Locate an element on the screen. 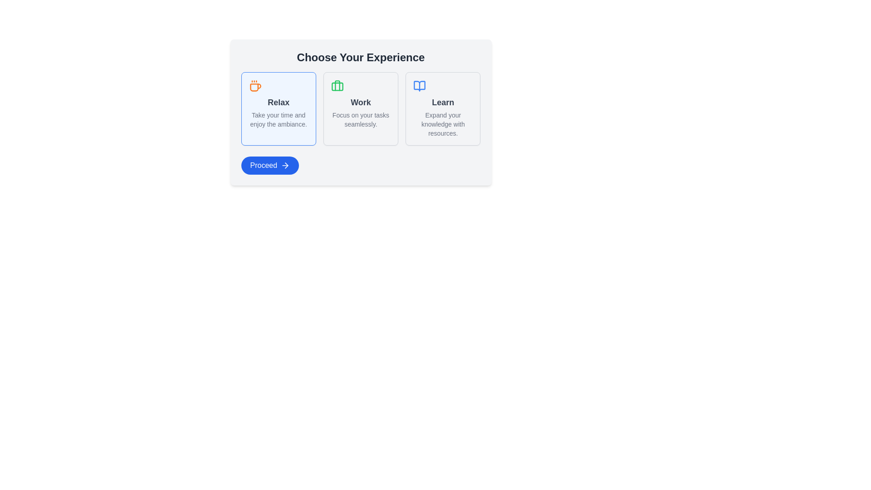 Image resolution: width=871 pixels, height=490 pixels. the 'Relax' icon in the 'Choose Your Experience' interface, which is the first selectable icon in the top section is located at coordinates (254, 86).